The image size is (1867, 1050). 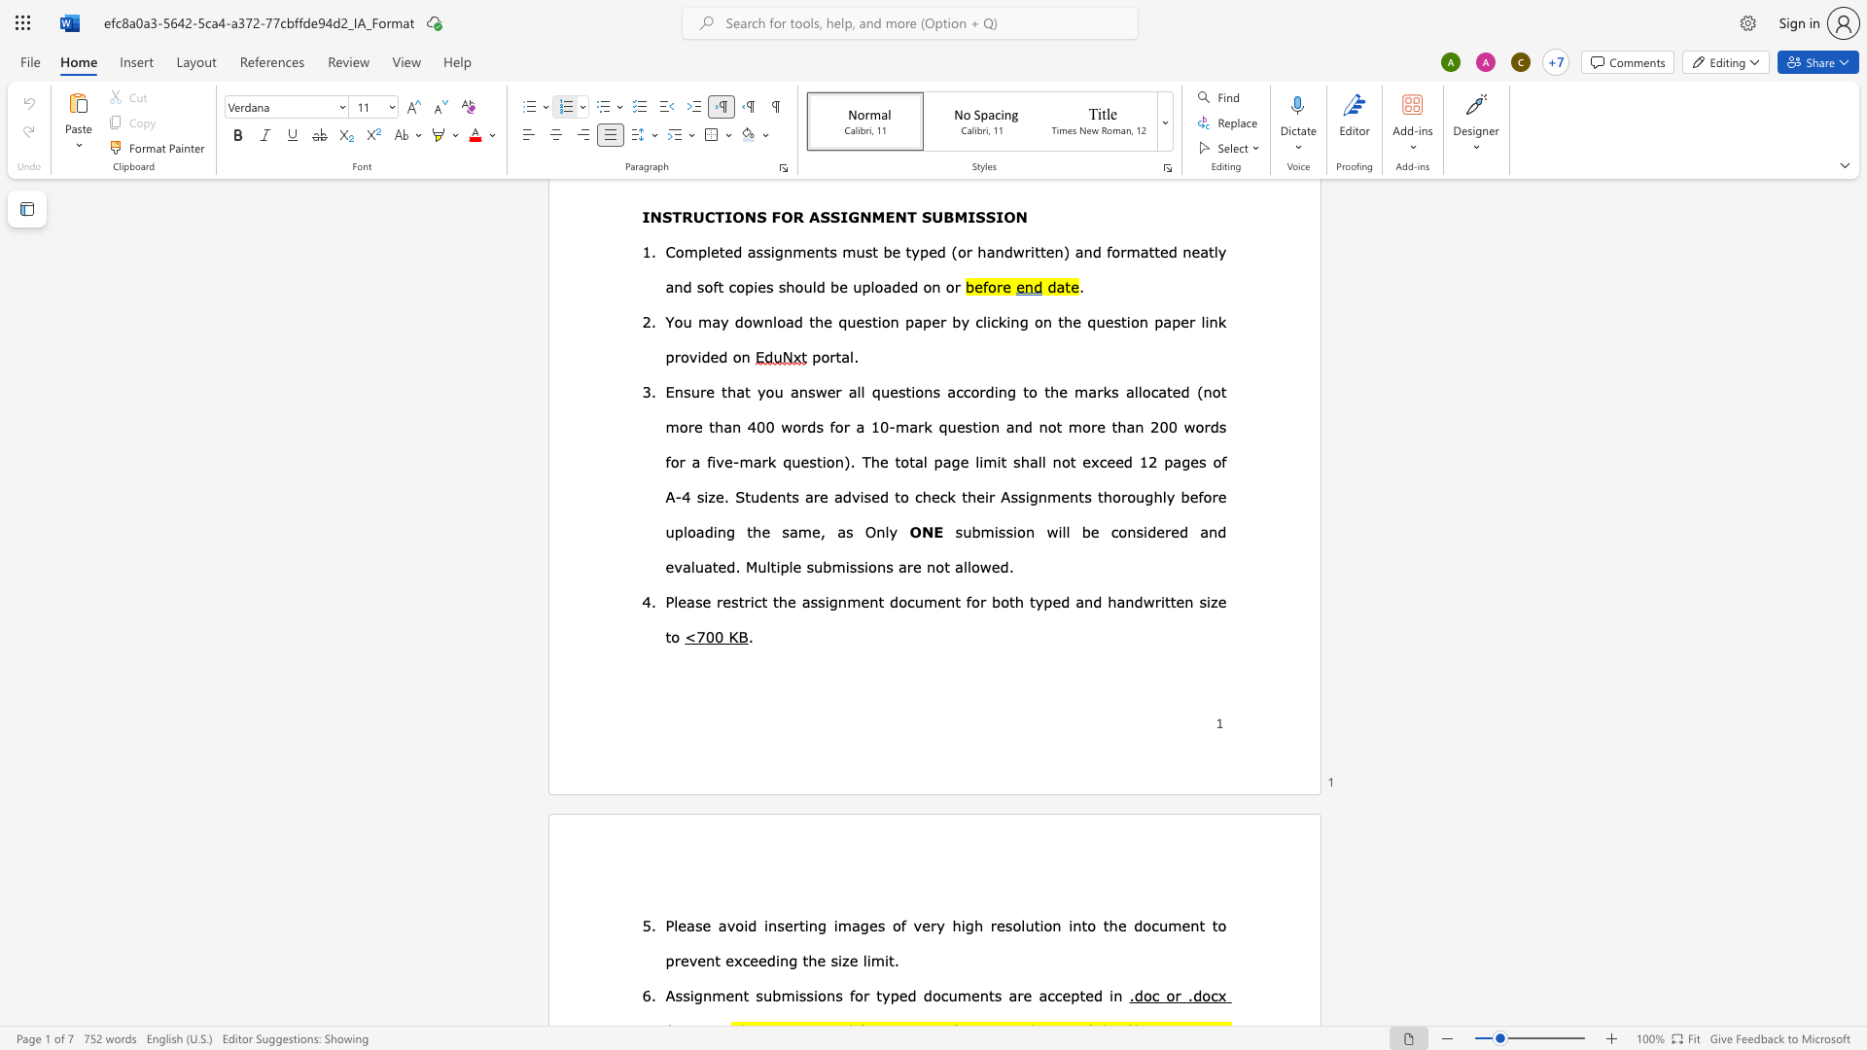 I want to click on the space between the continuous character "t" and "e" in the text, so click(x=1176, y=600).